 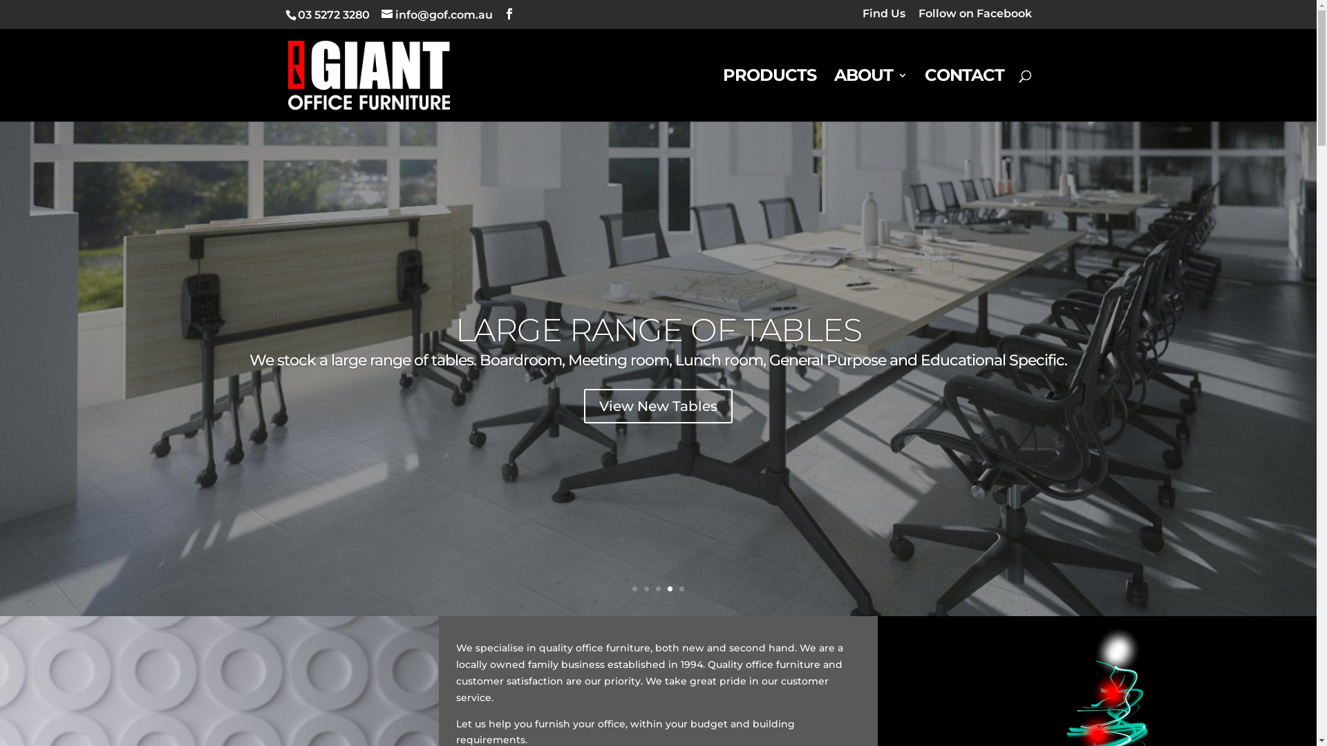 What do you see at coordinates (657, 405) in the screenshot?
I see `'Modular Workstations'` at bounding box center [657, 405].